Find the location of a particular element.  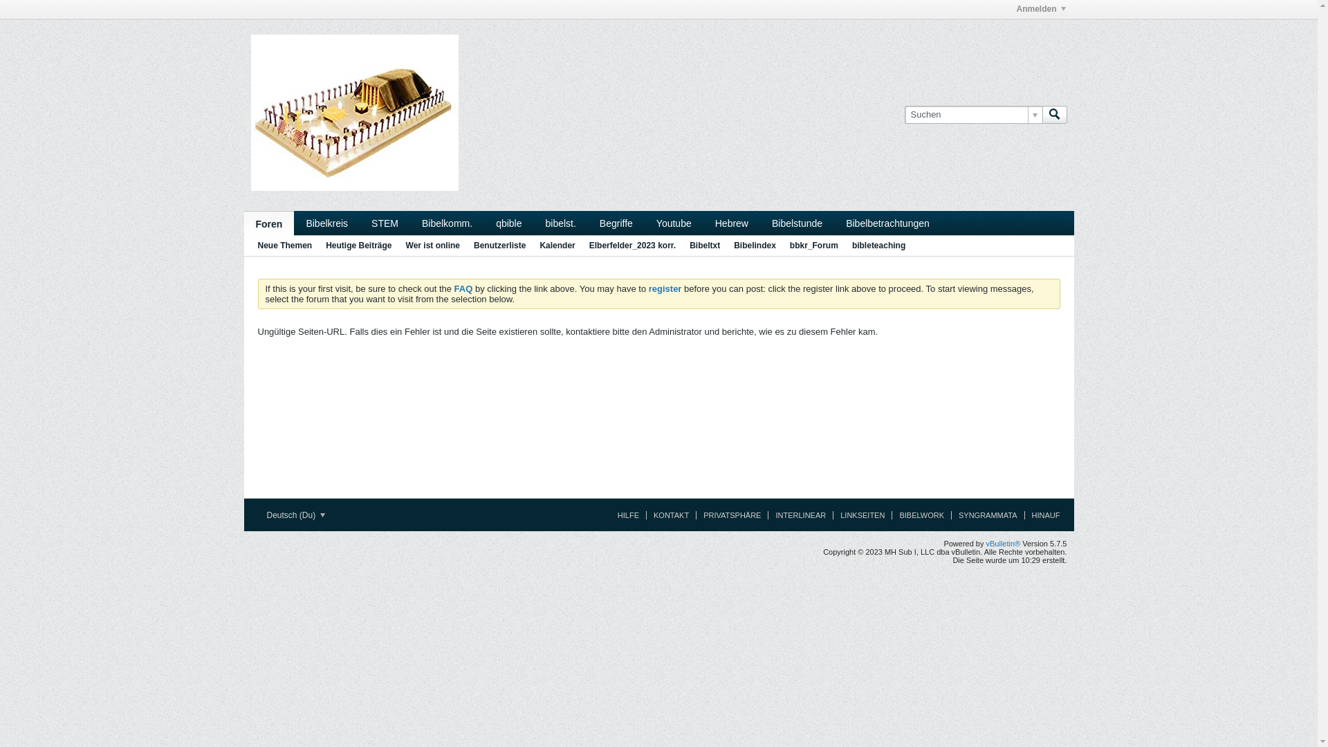

'Elberfelder_2023 korr.' is located at coordinates (589, 245).